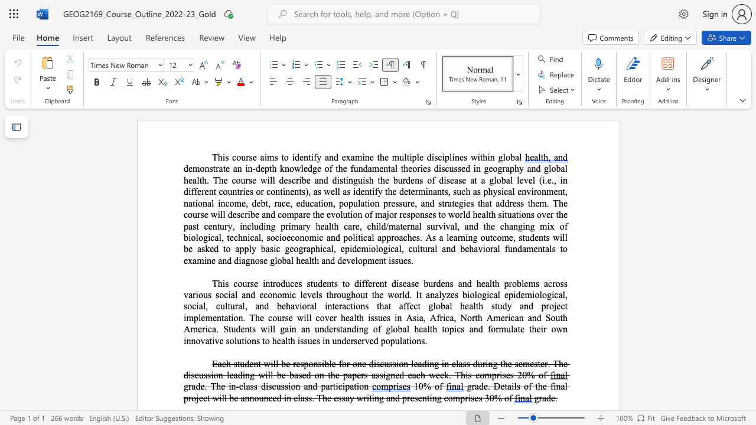  Describe the element at coordinates (284, 237) in the screenshot. I see `the 2th character "o" in the text` at that location.